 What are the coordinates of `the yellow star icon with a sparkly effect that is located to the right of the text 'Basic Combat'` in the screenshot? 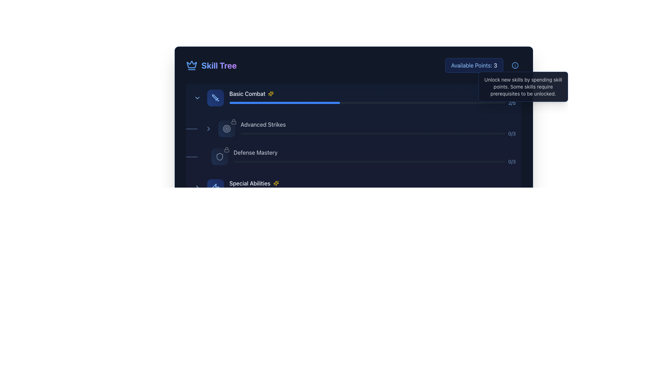 It's located at (271, 93).